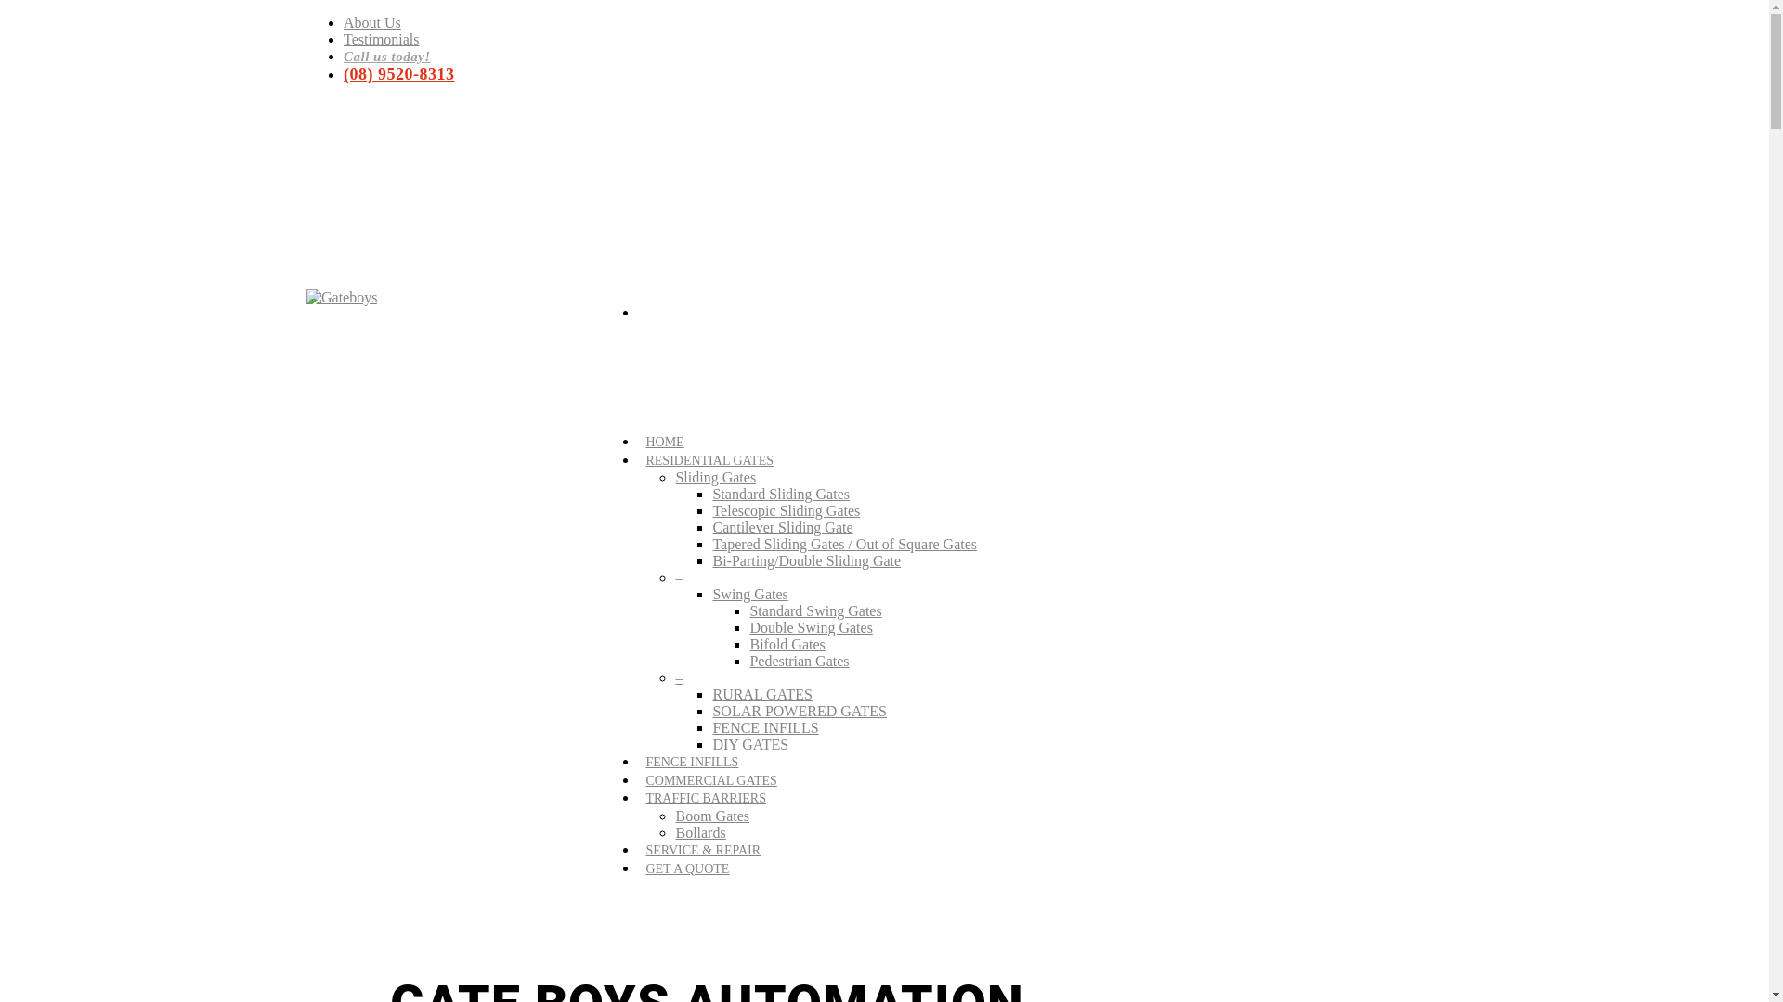  Describe the element at coordinates (843, 543) in the screenshot. I see `'Tapered Sliding Gates / Out of Square Gates'` at that location.